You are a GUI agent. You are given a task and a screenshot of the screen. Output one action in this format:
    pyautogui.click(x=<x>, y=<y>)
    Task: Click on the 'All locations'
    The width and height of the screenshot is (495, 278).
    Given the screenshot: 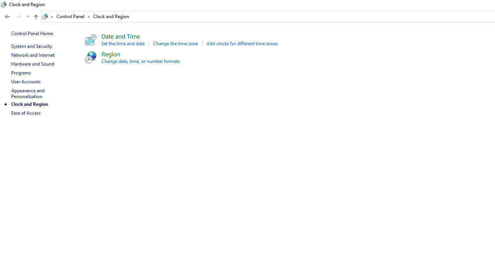 What is the action you would take?
    pyautogui.click(x=48, y=16)
    